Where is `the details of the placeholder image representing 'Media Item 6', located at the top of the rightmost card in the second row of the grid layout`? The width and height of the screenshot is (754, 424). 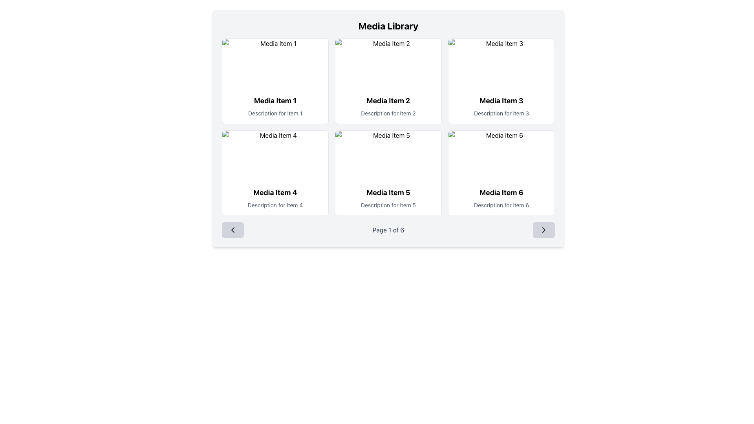 the details of the placeholder image representing 'Media Item 6', located at the top of the rightmost card in the second row of the grid layout is located at coordinates (501, 156).